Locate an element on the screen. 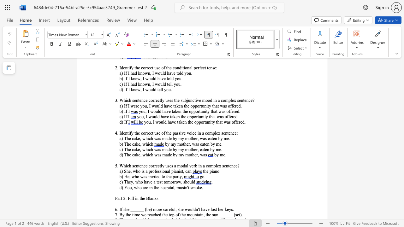  the subset text "the mountain, the sun ____" within the text "7. By the time we reached the top of the mountain, the sun ______ (set)." is located at coordinates (180, 214).